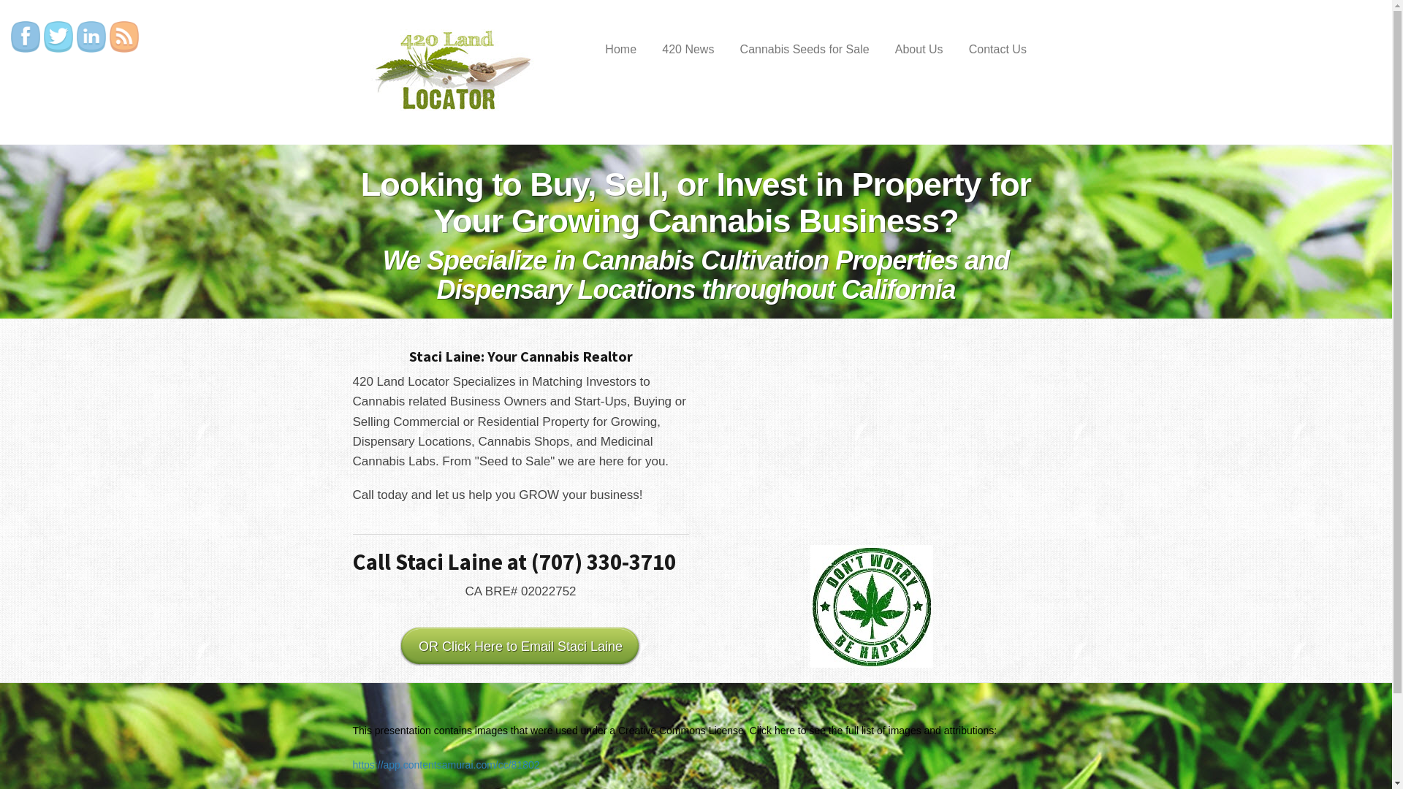 This screenshot has height=789, width=1403. I want to click on 'Facebook', so click(25, 36).